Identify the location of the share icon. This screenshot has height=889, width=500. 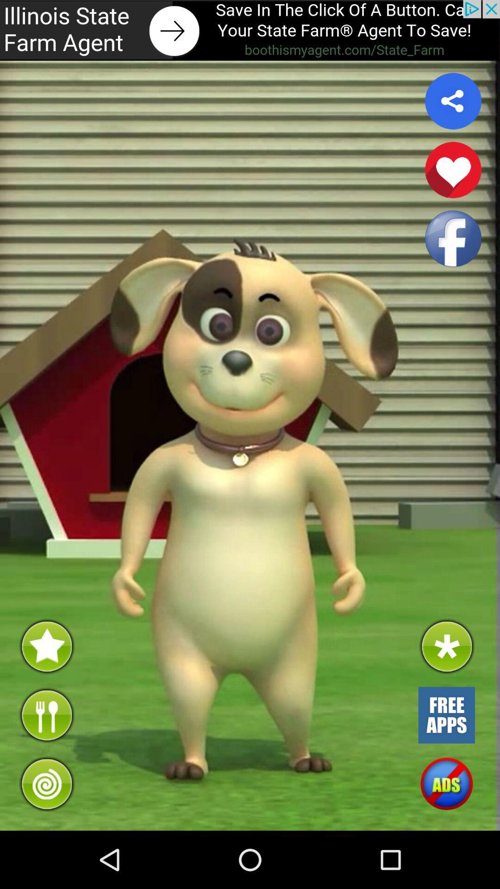
(453, 108).